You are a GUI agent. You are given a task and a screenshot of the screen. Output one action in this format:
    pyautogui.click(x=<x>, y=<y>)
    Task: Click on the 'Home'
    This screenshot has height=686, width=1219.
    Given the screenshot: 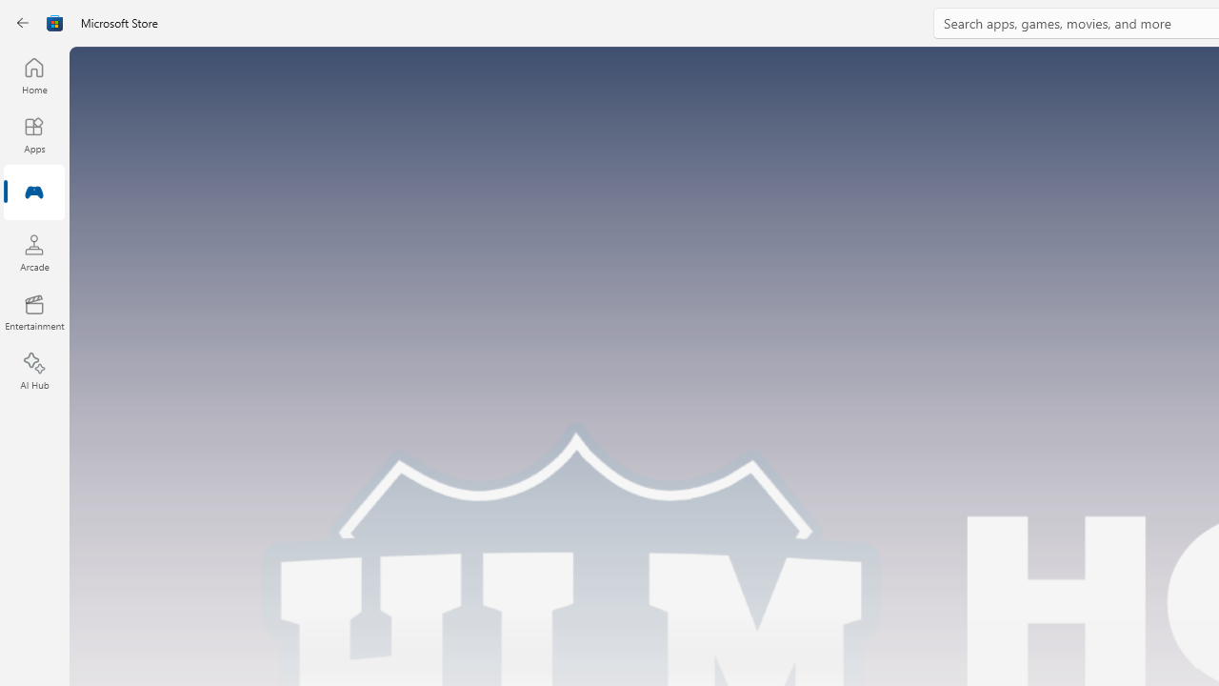 What is the action you would take?
    pyautogui.click(x=33, y=74)
    